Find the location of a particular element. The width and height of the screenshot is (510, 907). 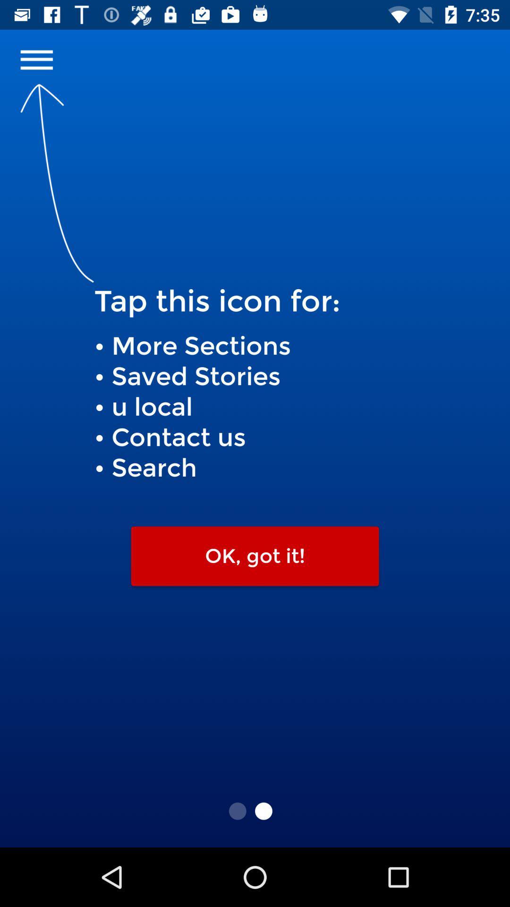

the icon below more sections saved is located at coordinates (255, 556).